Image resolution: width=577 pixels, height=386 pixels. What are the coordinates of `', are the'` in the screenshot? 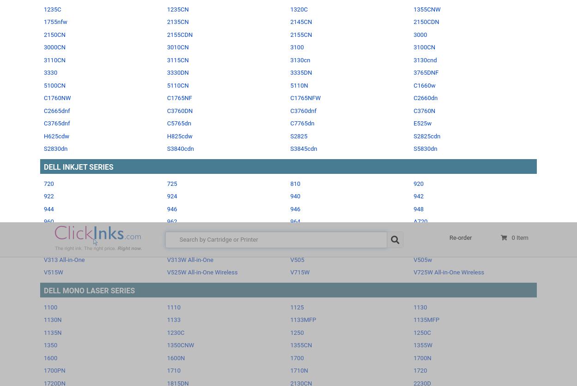 It's located at (402, 192).